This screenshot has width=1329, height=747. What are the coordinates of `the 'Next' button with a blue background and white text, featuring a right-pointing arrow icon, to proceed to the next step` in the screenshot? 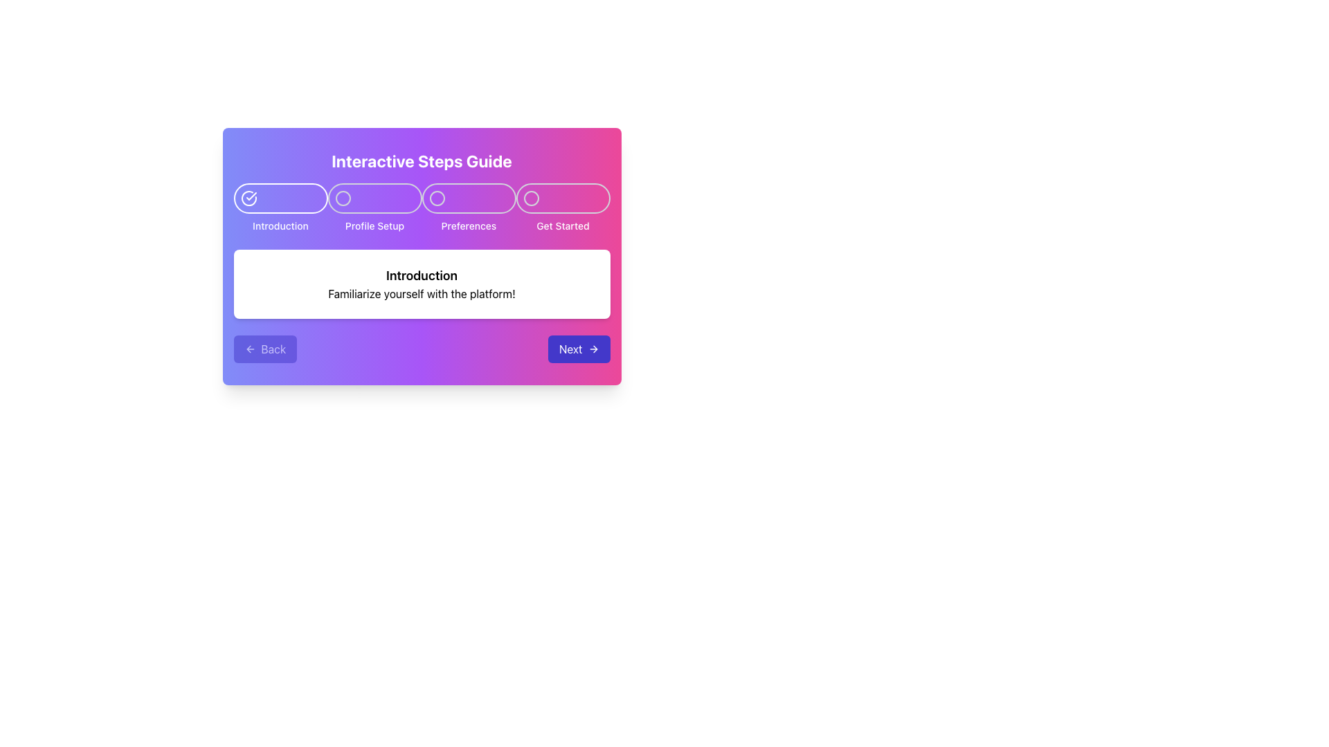 It's located at (579, 349).